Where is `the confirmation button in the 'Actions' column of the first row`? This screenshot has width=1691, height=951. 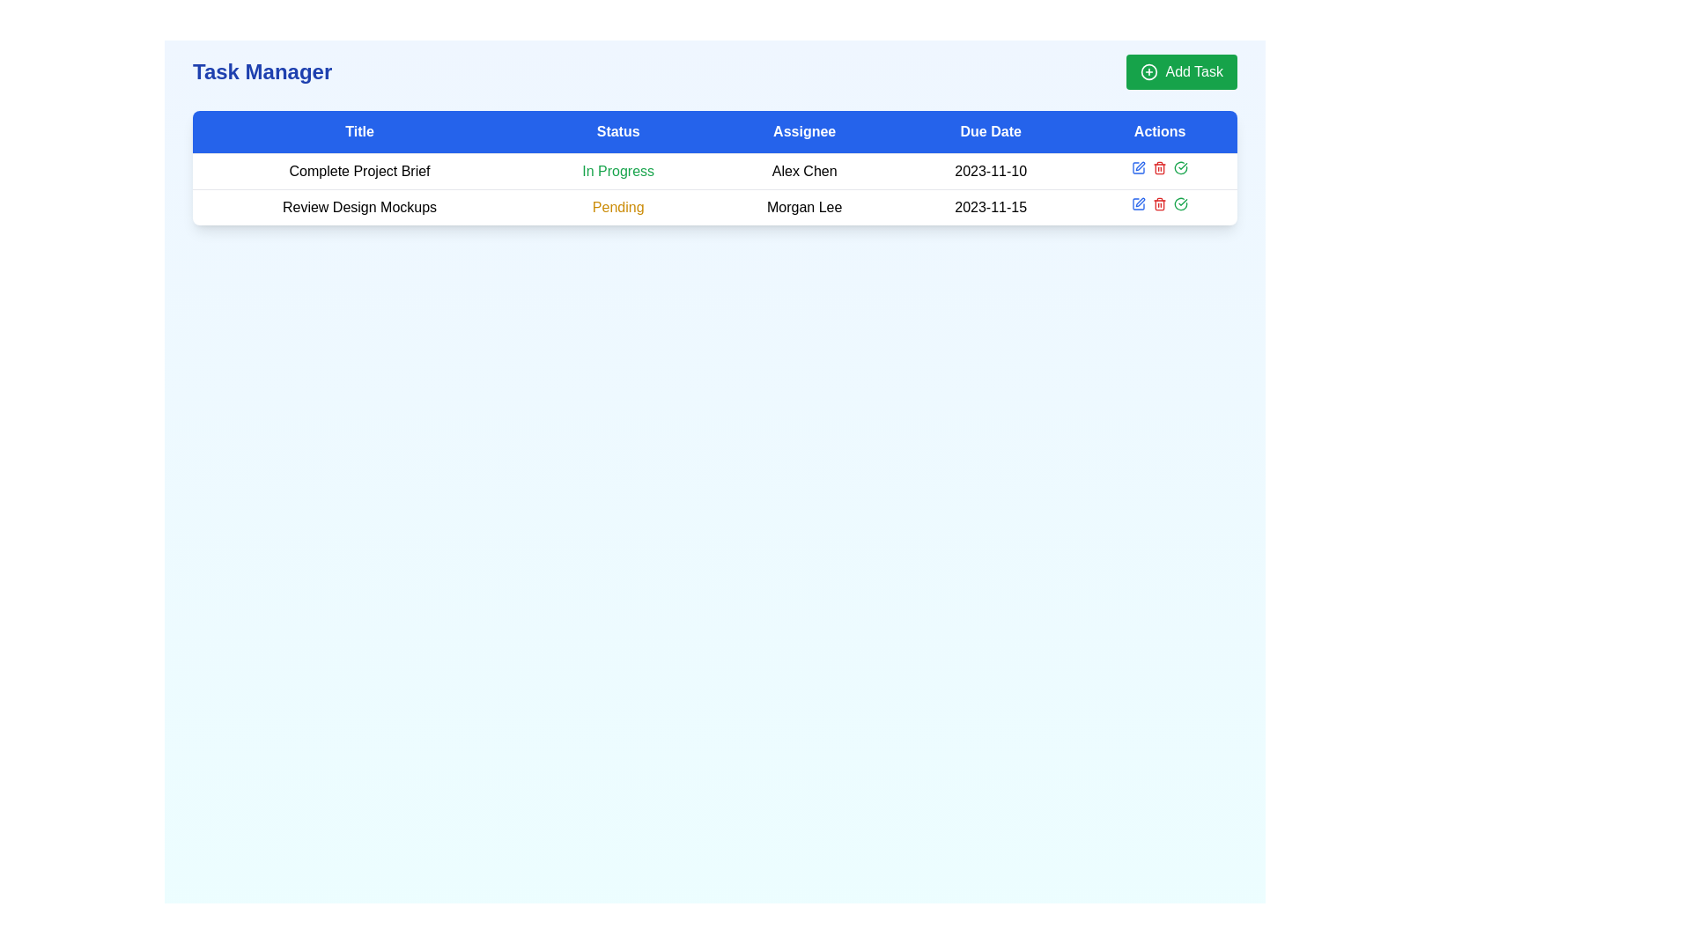
the confirmation button in the 'Actions' column of the first row is located at coordinates (1181, 203).